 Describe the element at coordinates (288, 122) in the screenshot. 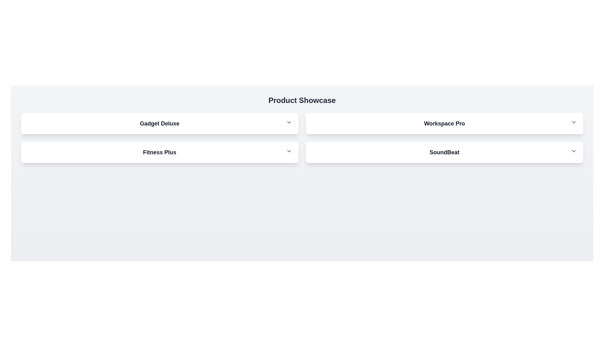

I see `the small circular button with a downward arrow icon` at that location.